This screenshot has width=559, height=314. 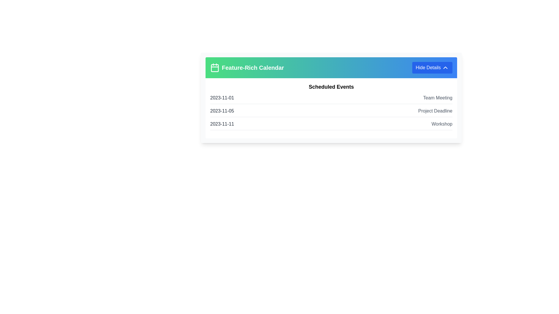 I want to click on the third scheduled event item in the 'Scheduled Events' section, which displays the date and title of the event, so click(x=331, y=125).